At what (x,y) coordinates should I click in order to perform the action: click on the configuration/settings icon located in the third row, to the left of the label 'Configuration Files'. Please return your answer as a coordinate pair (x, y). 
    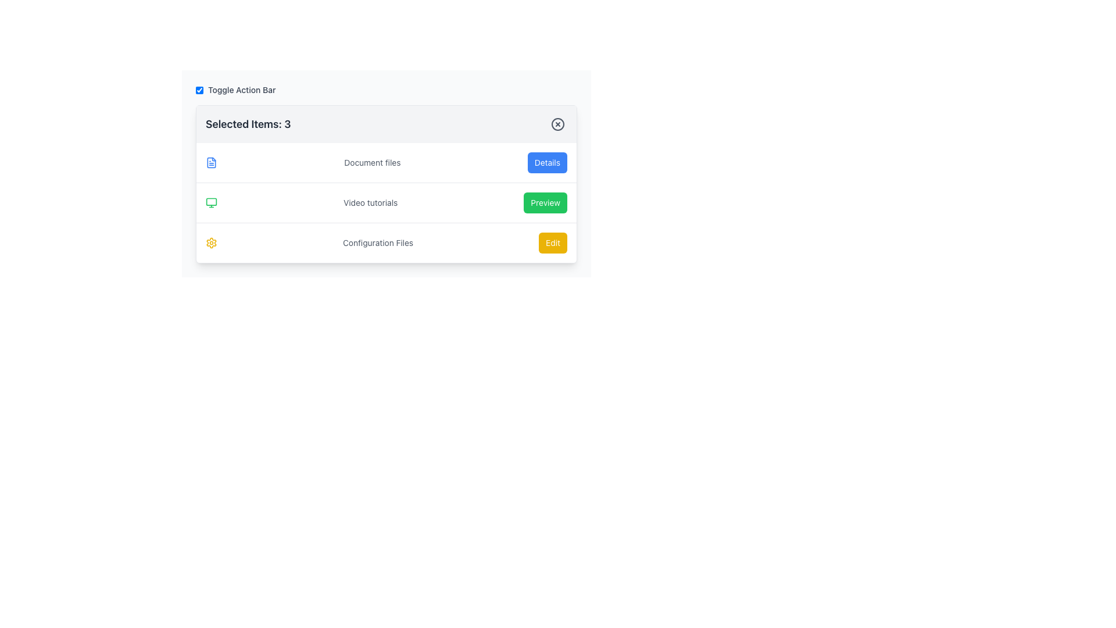
    Looking at the image, I should click on (212, 242).